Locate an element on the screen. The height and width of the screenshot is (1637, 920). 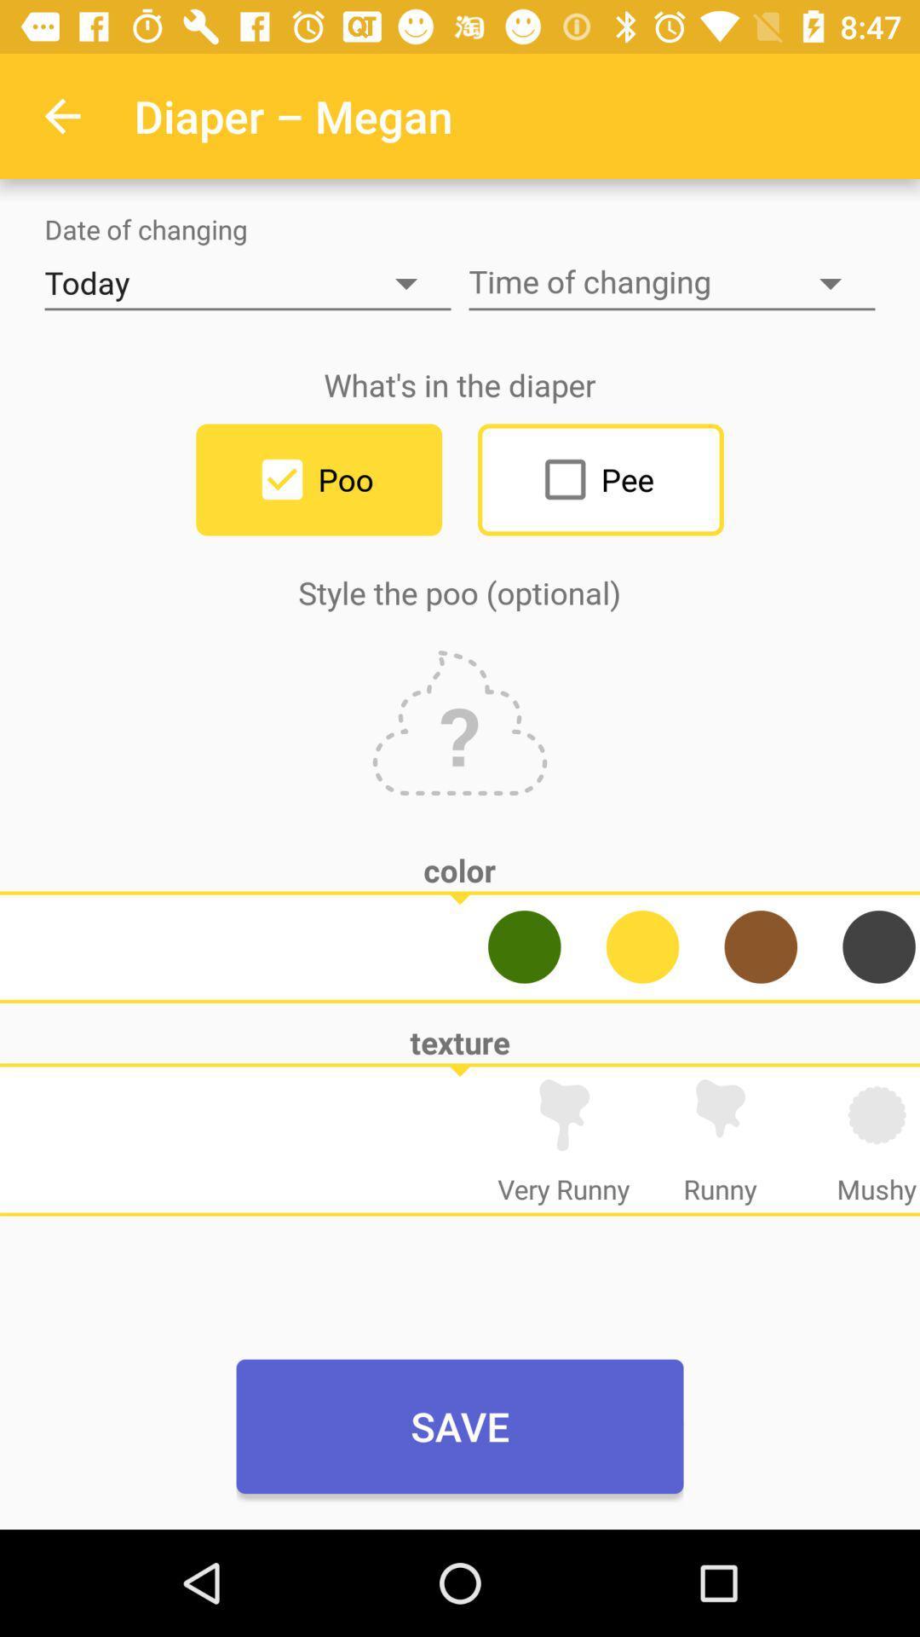
green for poo is located at coordinates (523, 946).